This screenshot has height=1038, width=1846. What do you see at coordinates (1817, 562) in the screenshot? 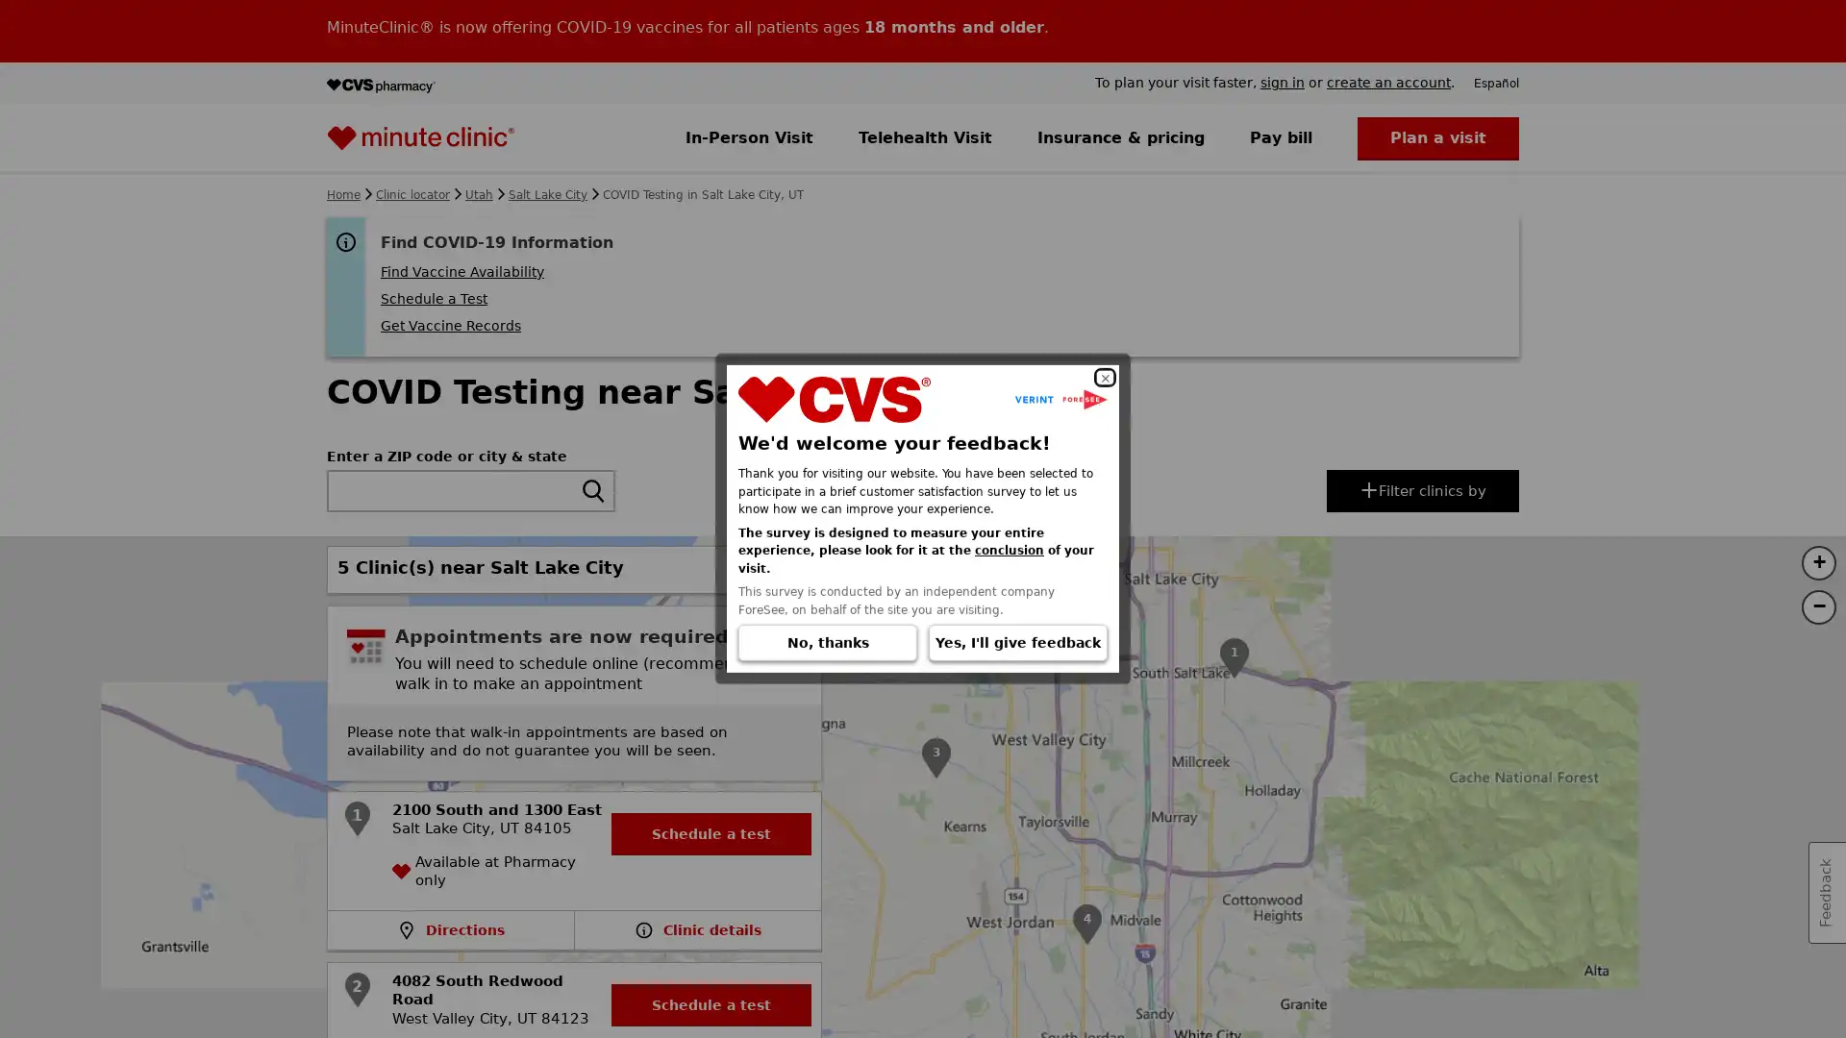
I see `Zoom in` at bounding box center [1817, 562].